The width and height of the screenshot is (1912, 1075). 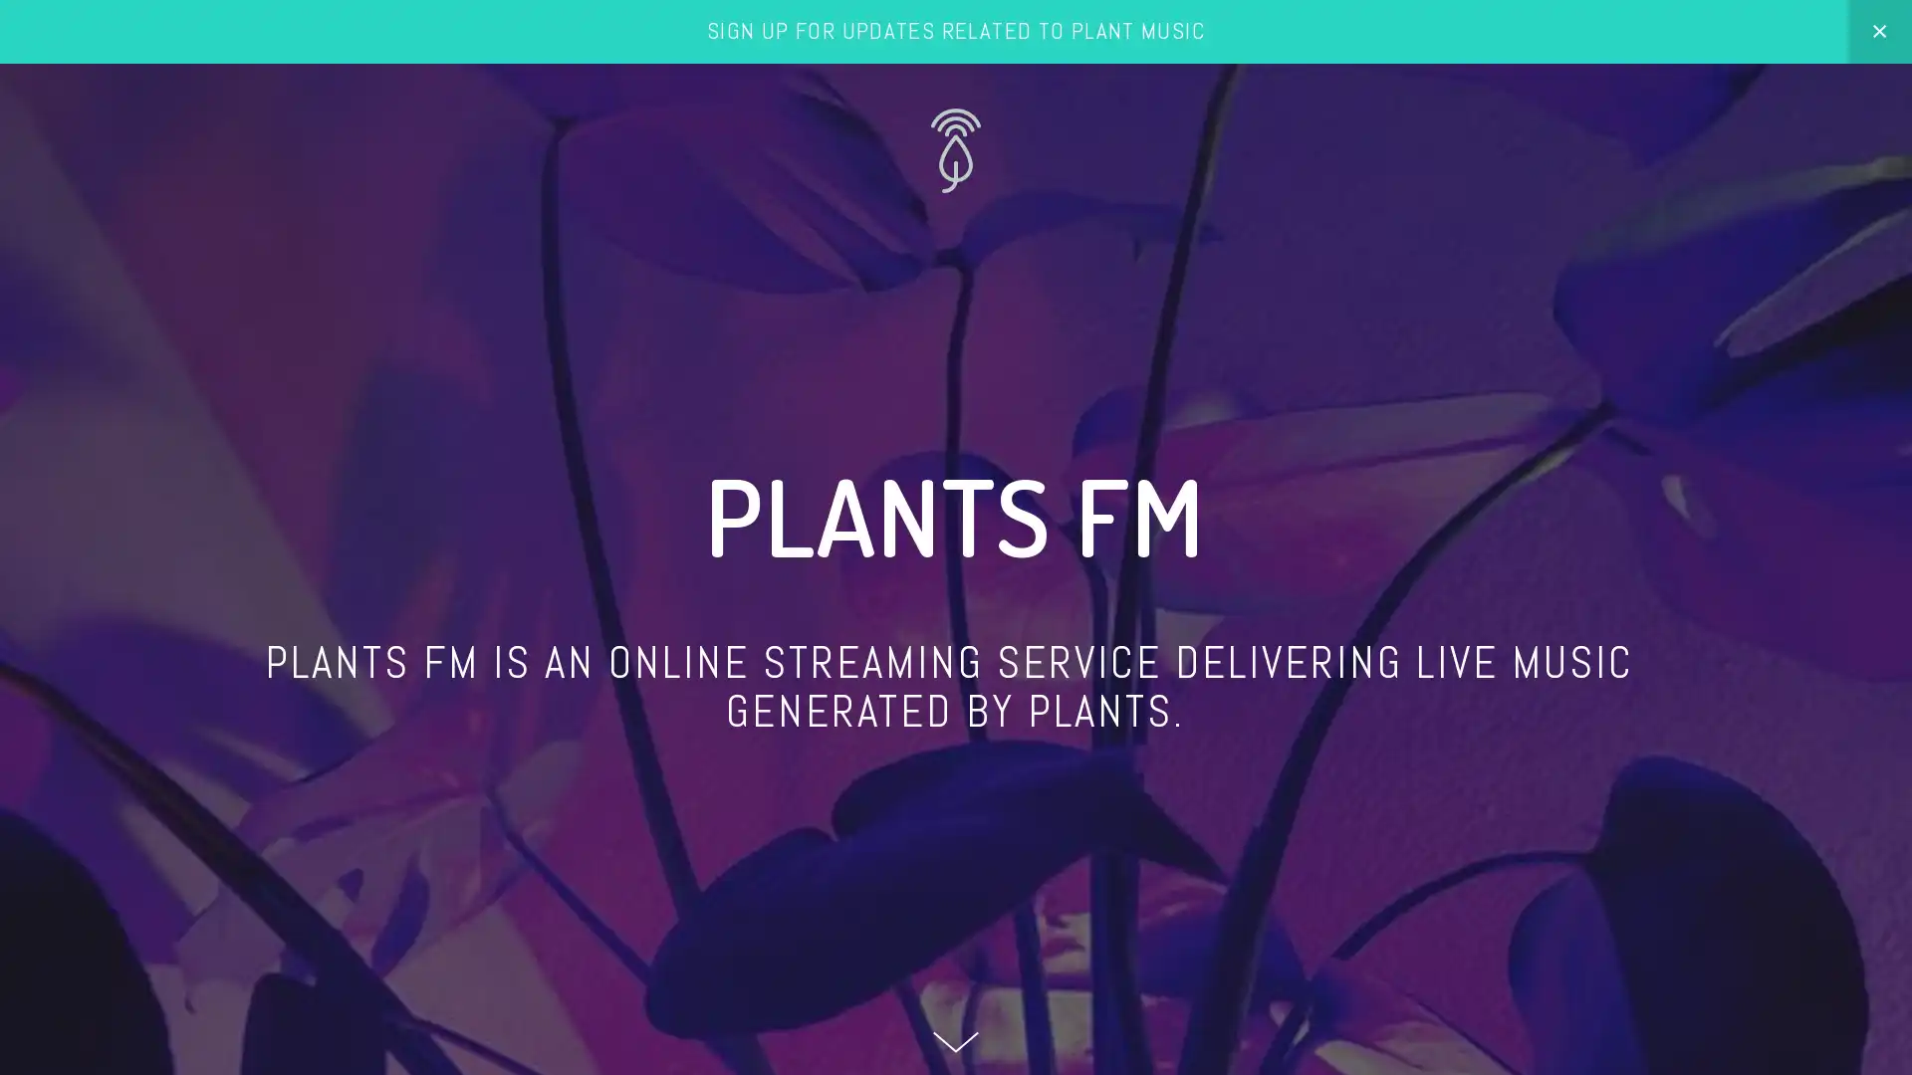 I want to click on Close, so click(x=1811, y=614).